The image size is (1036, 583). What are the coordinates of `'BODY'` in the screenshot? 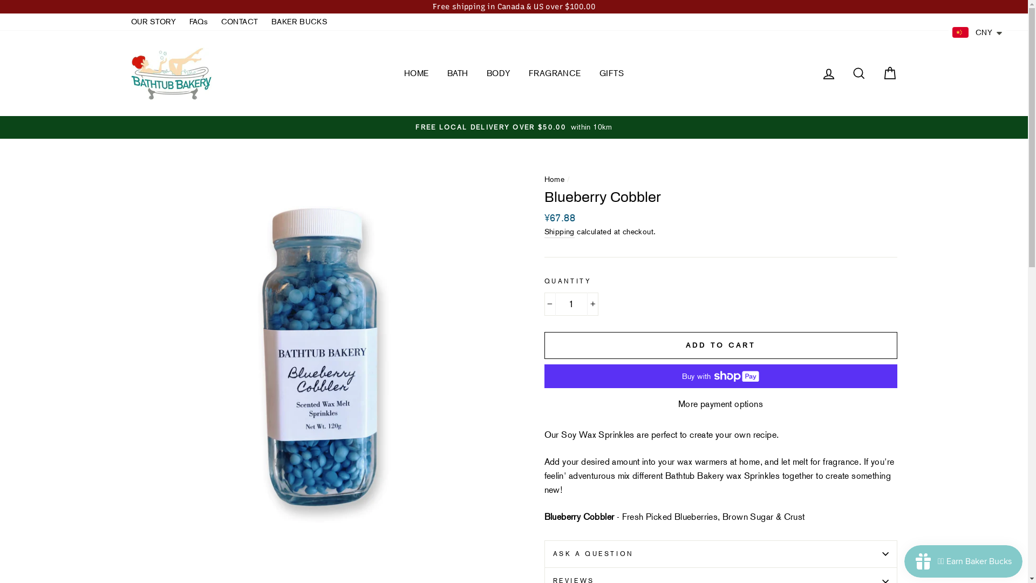 It's located at (478, 73).